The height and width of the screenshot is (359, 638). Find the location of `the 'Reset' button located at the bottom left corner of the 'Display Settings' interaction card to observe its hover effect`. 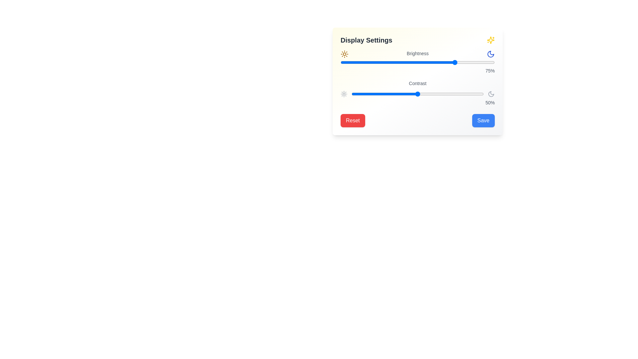

the 'Reset' button located at the bottom left corner of the 'Display Settings' interaction card to observe its hover effect is located at coordinates (352, 120).